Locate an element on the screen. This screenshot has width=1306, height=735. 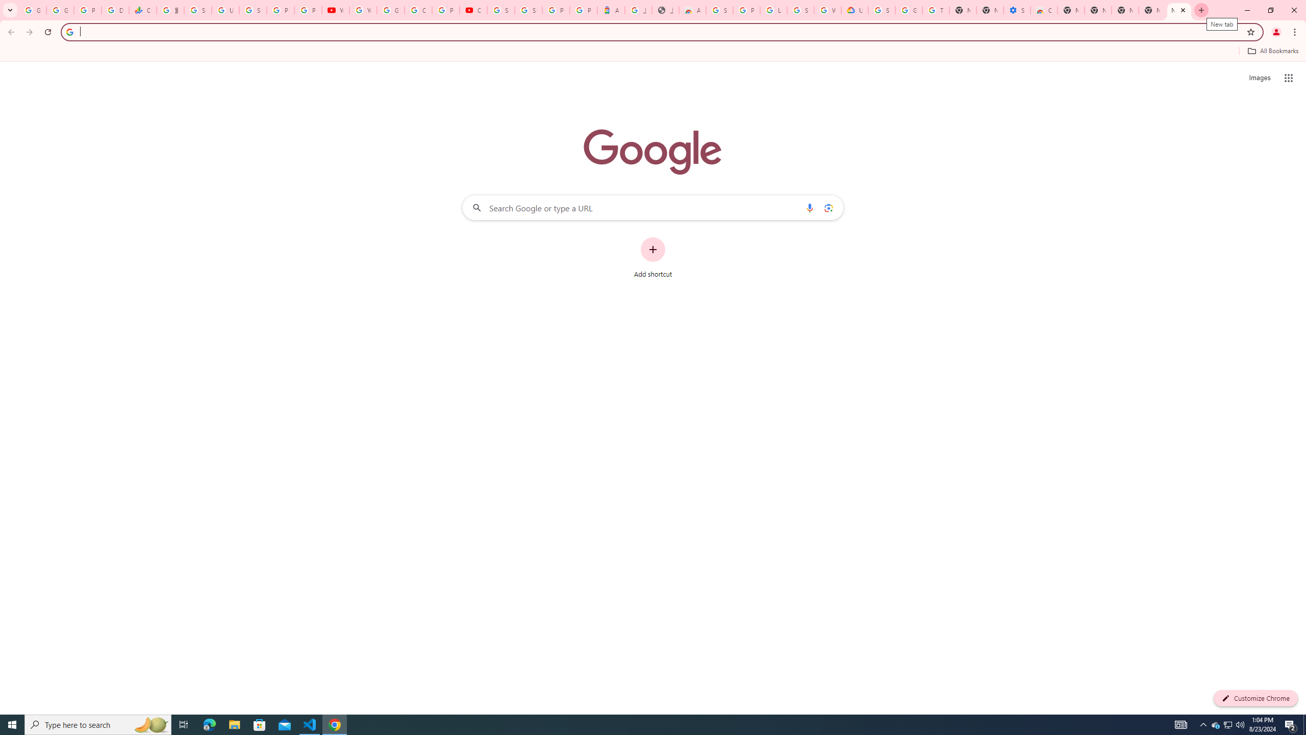
'YouTube' is located at coordinates (362, 10).